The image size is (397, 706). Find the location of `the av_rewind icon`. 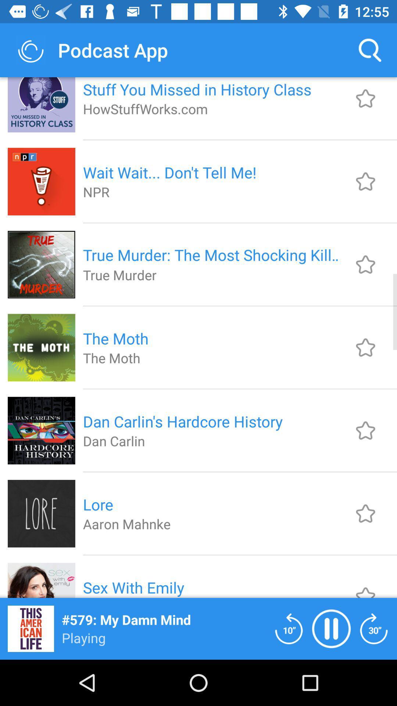

the av_rewind icon is located at coordinates (289, 628).